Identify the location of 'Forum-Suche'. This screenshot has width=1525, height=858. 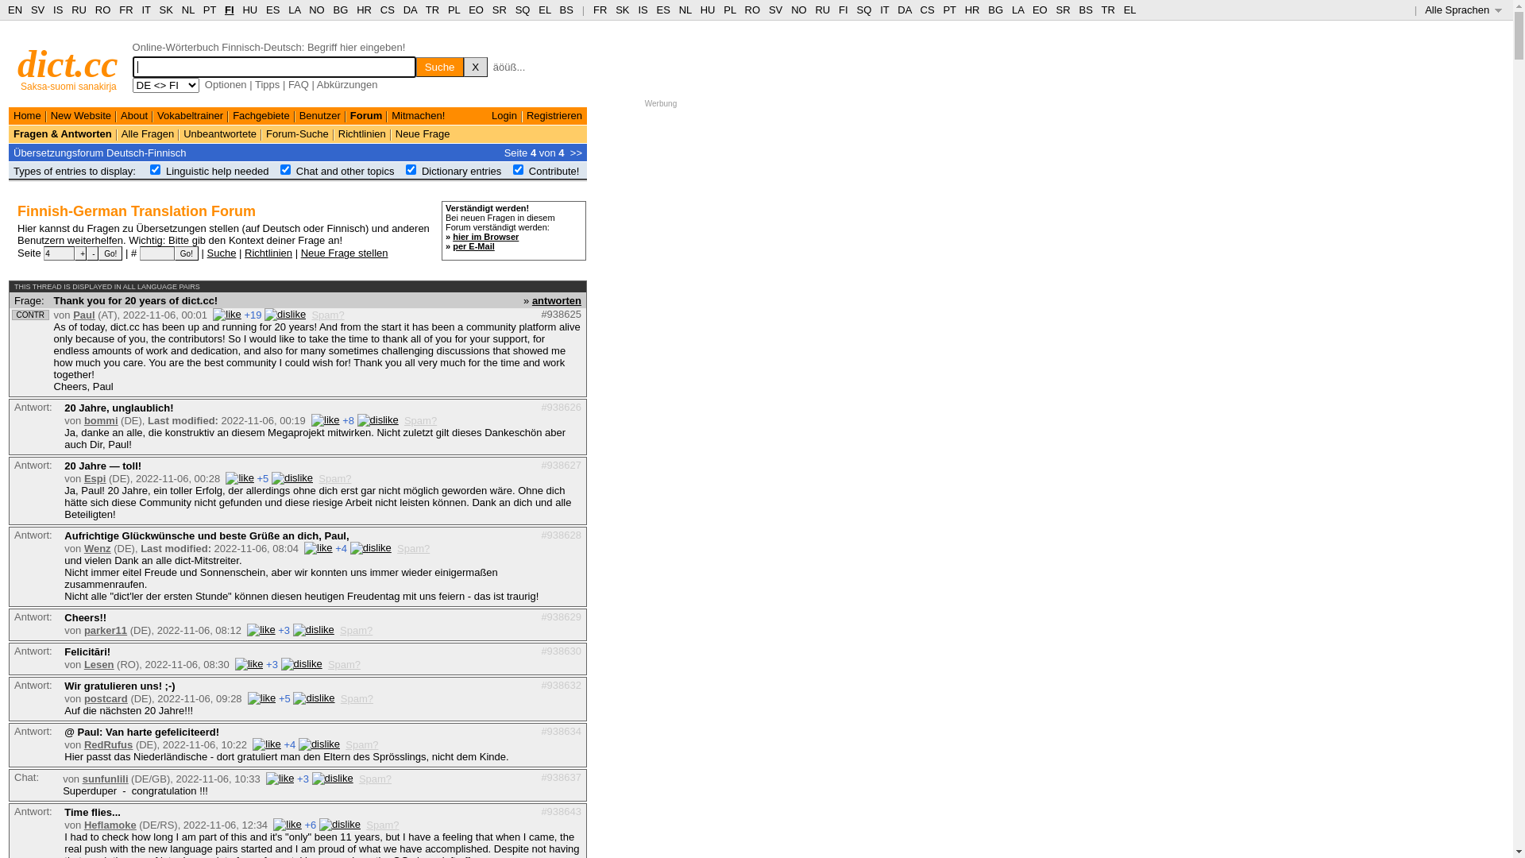
(297, 133).